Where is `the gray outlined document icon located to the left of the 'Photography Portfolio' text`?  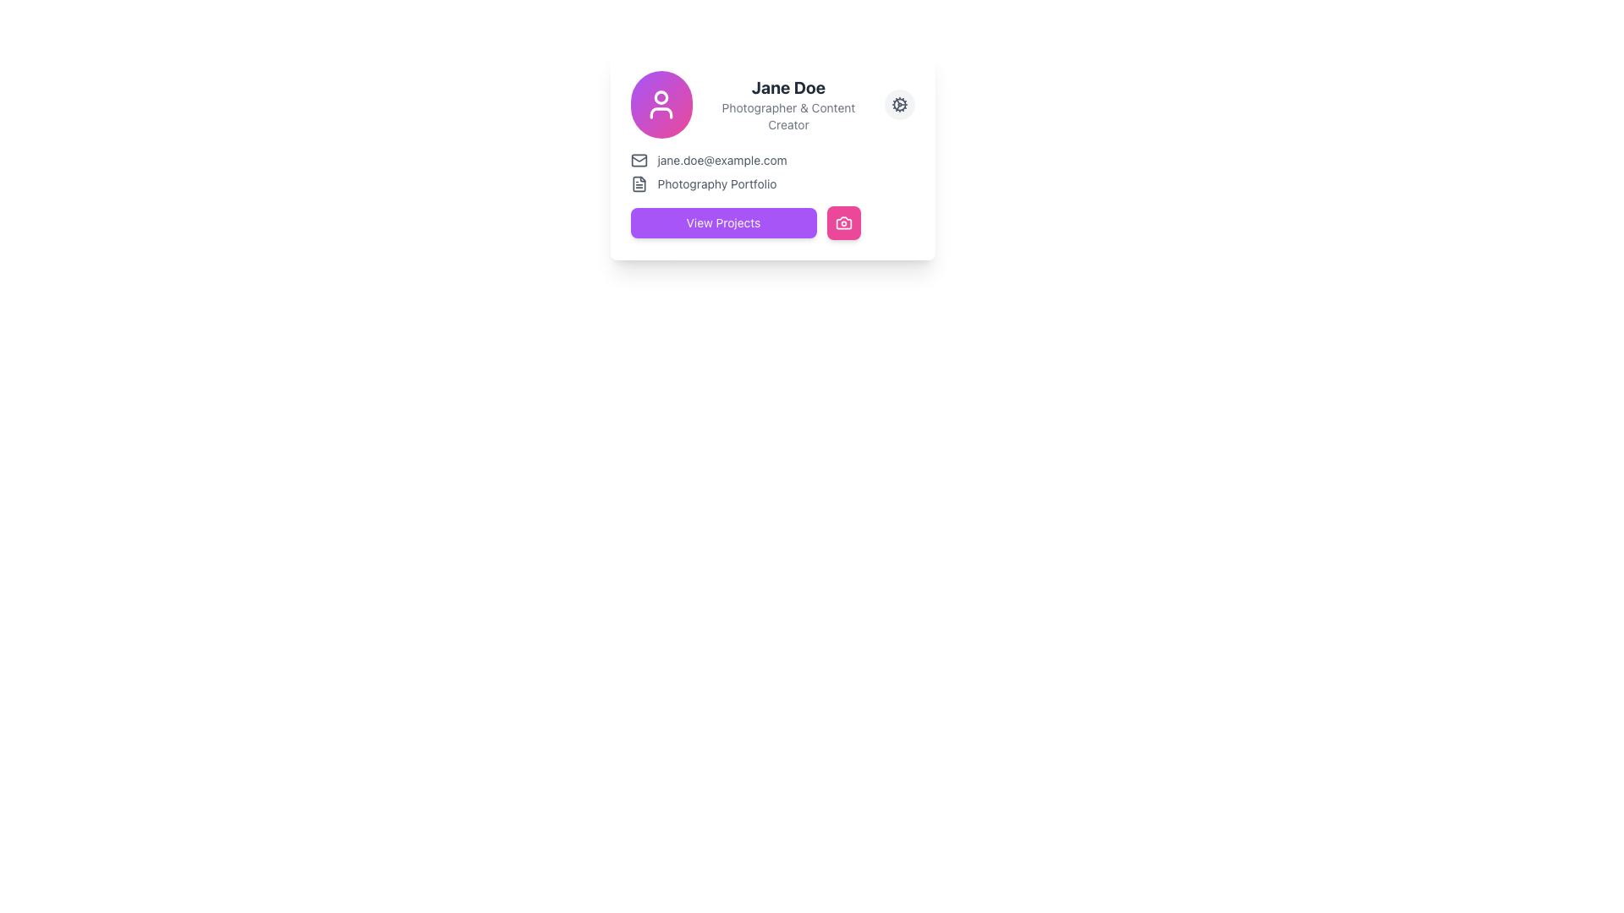 the gray outlined document icon located to the left of the 'Photography Portfolio' text is located at coordinates (638, 184).